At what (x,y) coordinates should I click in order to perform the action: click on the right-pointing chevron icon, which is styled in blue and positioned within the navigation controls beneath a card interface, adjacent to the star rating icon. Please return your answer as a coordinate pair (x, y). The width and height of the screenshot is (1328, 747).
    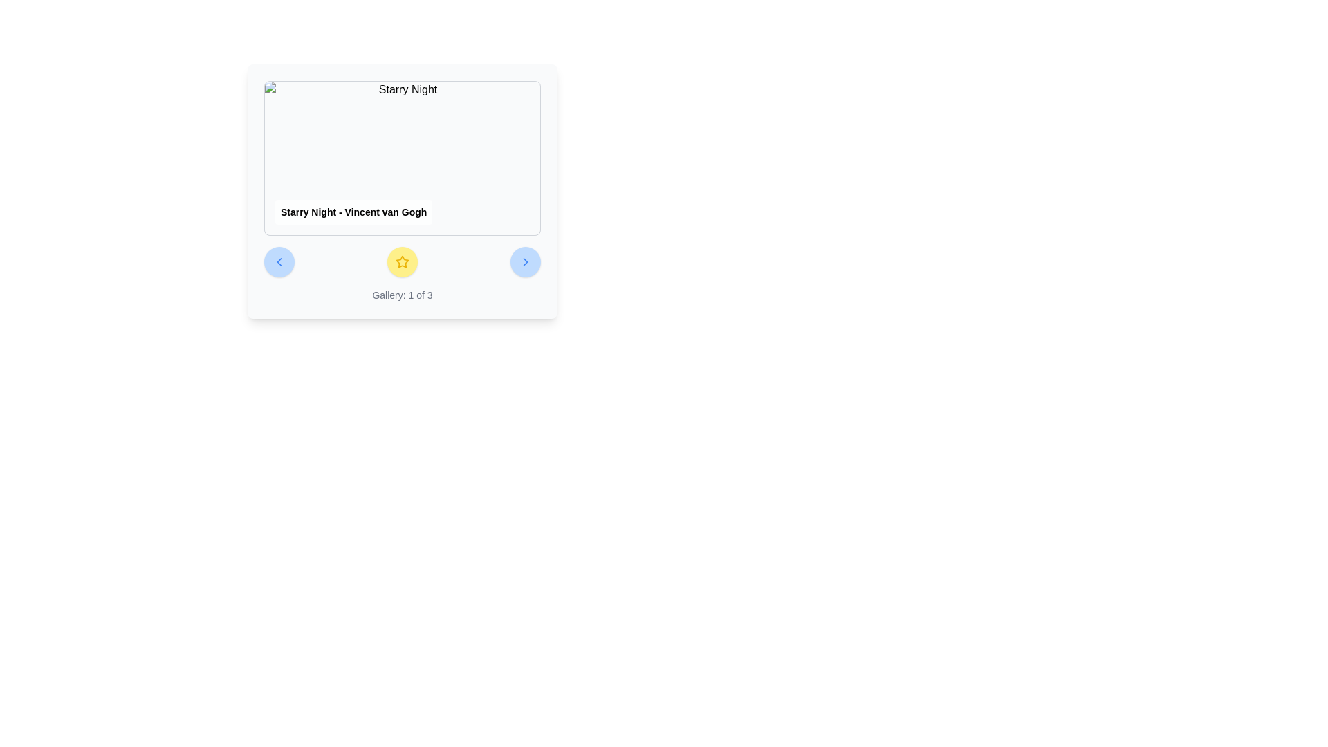
    Looking at the image, I should click on (524, 261).